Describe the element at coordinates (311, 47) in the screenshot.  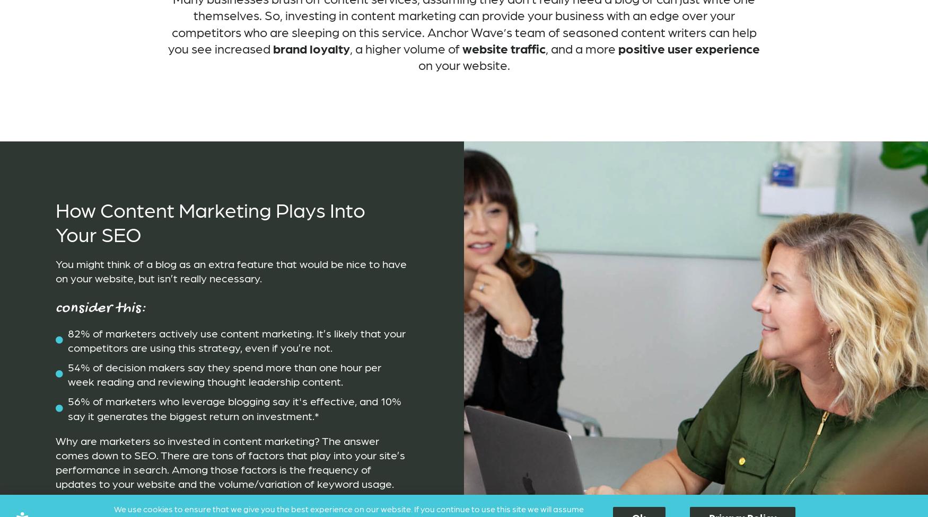
I see `'brand loyalty'` at that location.